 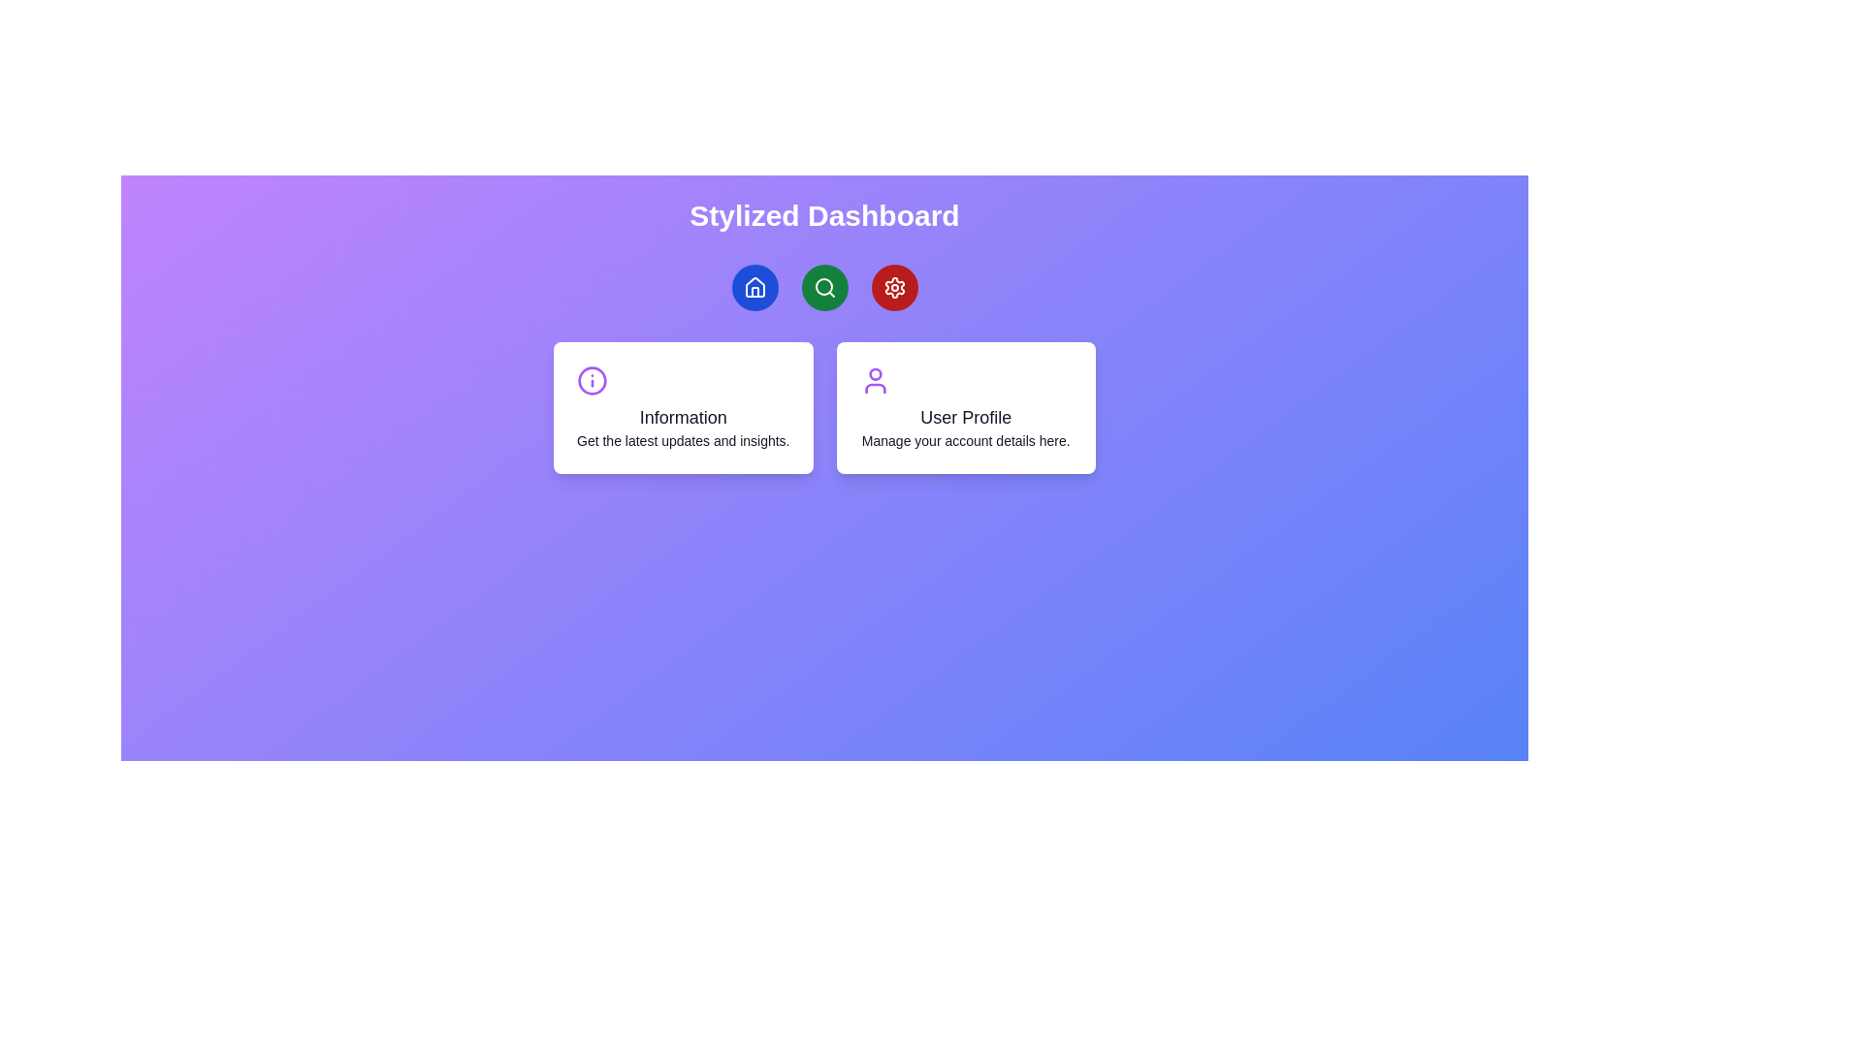 I want to click on the second circular button in the row above the 'Information' and 'User Profile' cards to initiate a search action, so click(x=824, y=288).